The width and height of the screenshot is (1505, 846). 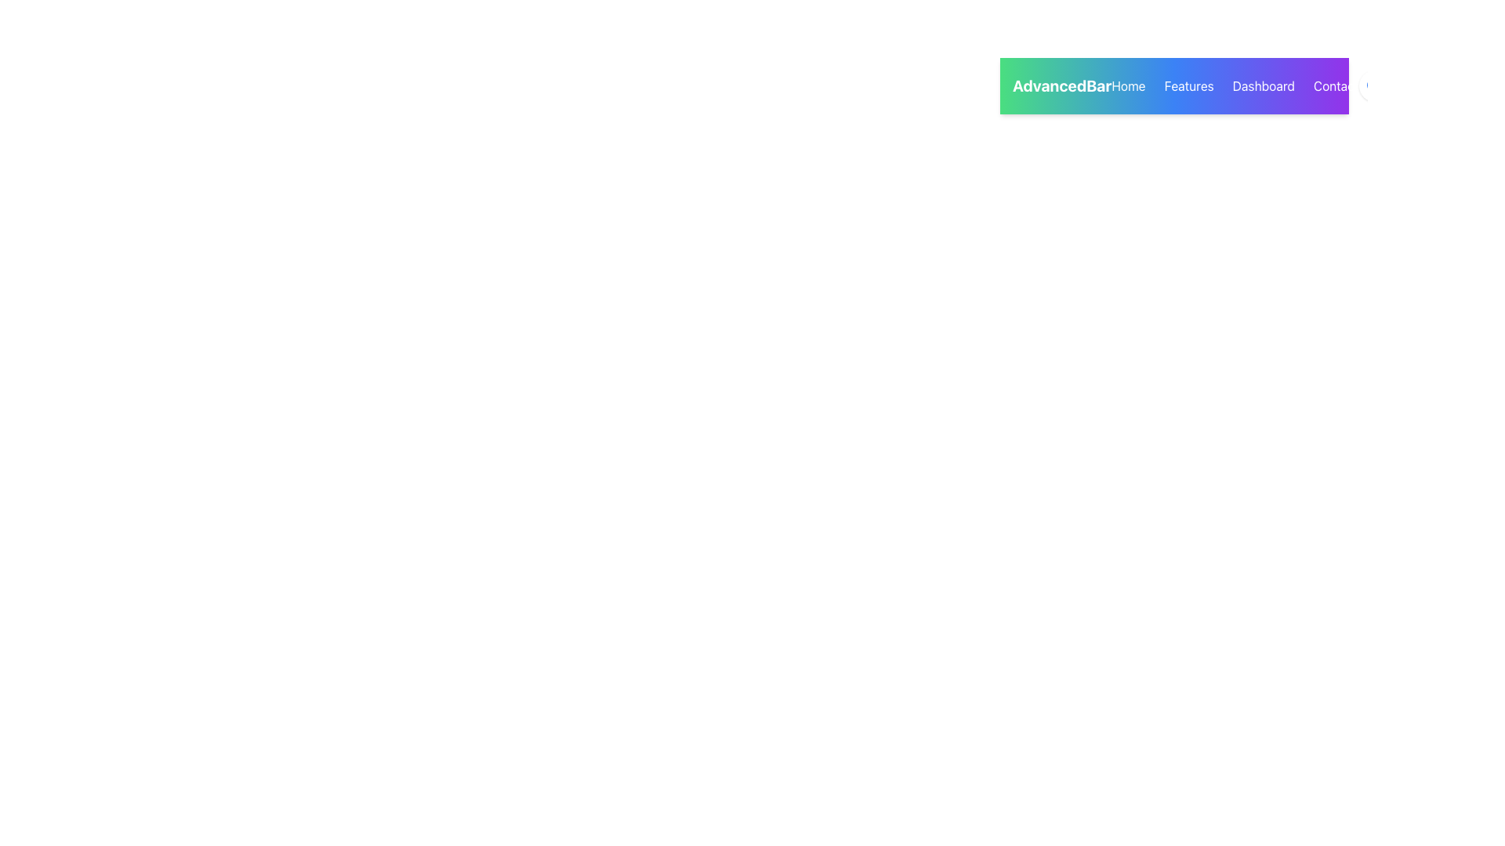 I want to click on the 'AdvancedBar' label, which is the first item in the horizontal navigation bar, styled in bold white font with a gradient green-to-blue background, so click(x=1062, y=86).